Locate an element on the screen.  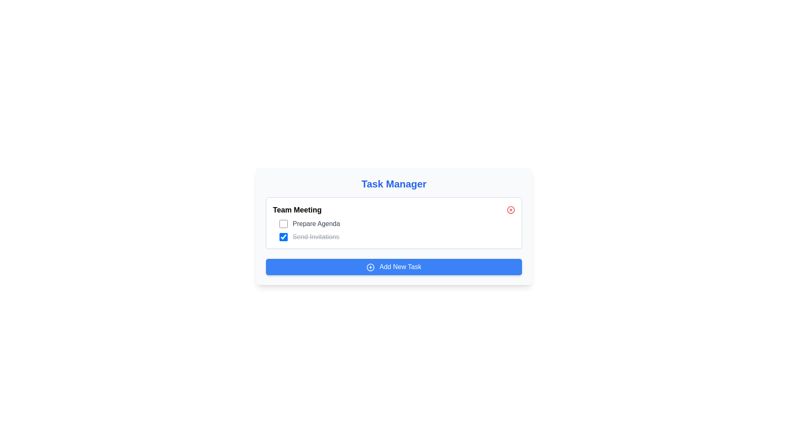
the checkbox with rounded corners indicating the 'checked' state under 'Team Meeting' is located at coordinates (284, 237).